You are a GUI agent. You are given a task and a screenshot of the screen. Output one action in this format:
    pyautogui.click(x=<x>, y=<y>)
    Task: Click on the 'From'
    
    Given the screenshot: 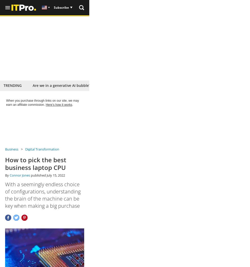 What is the action you would take?
    pyautogui.click(x=33, y=138)
    